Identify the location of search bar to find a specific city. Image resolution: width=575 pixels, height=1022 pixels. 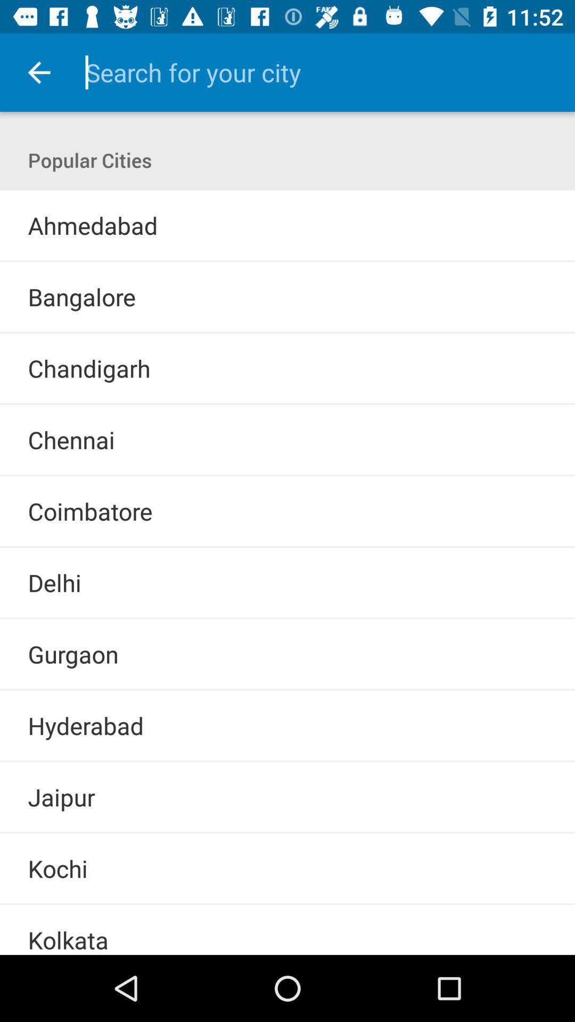
(315, 72).